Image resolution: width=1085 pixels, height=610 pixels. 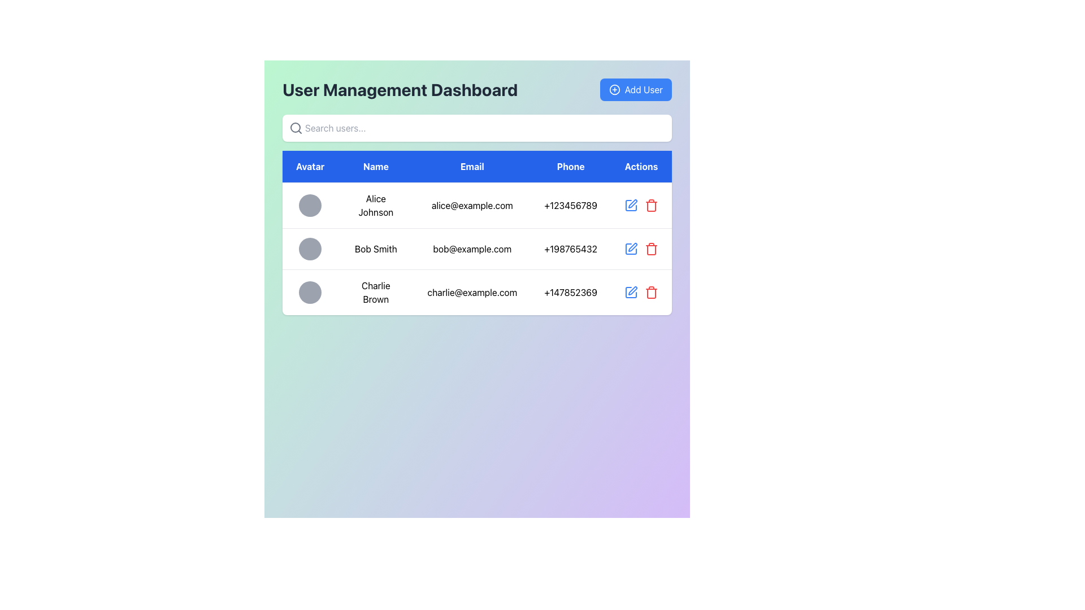 I want to click on the text label representing the name of the first user listed in the table, so click(x=376, y=205).